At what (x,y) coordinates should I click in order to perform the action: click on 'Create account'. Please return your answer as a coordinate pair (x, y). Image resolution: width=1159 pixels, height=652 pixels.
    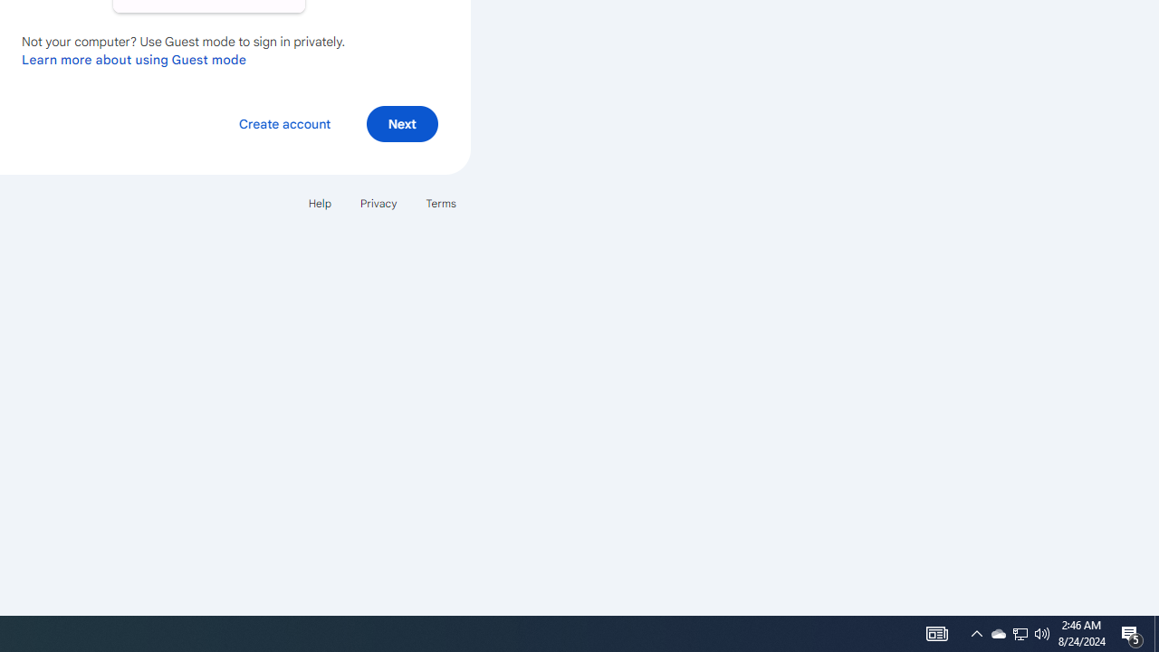
    Looking at the image, I should click on (283, 122).